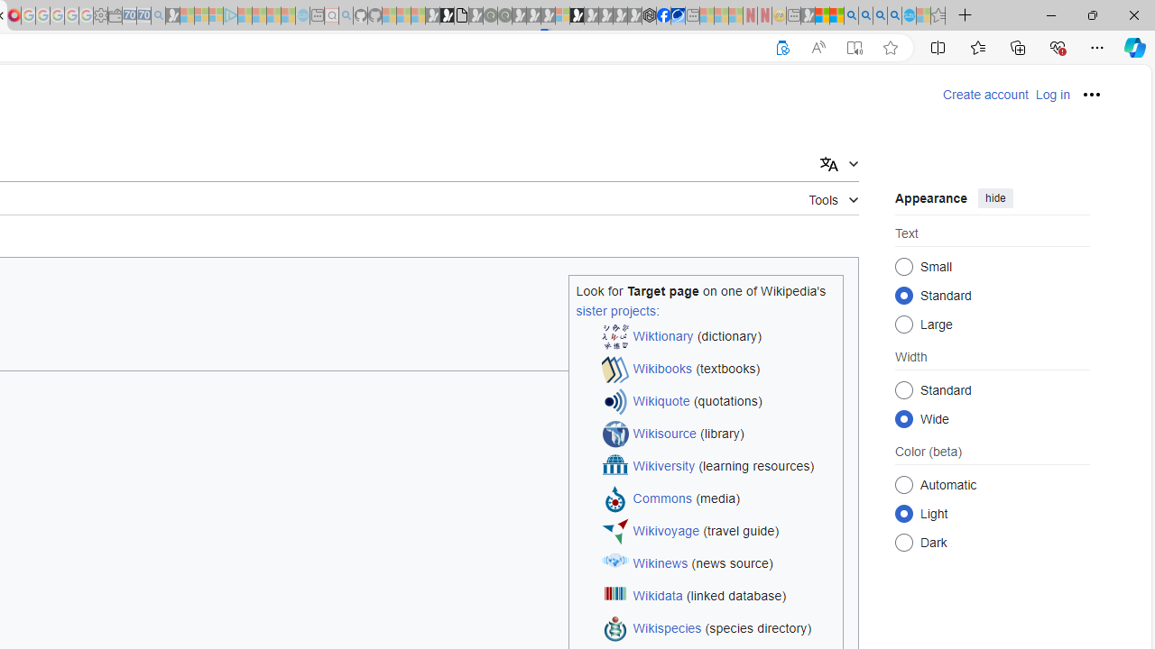 The height and width of the screenshot is (649, 1155). I want to click on 'Wiktionary', so click(662, 336).